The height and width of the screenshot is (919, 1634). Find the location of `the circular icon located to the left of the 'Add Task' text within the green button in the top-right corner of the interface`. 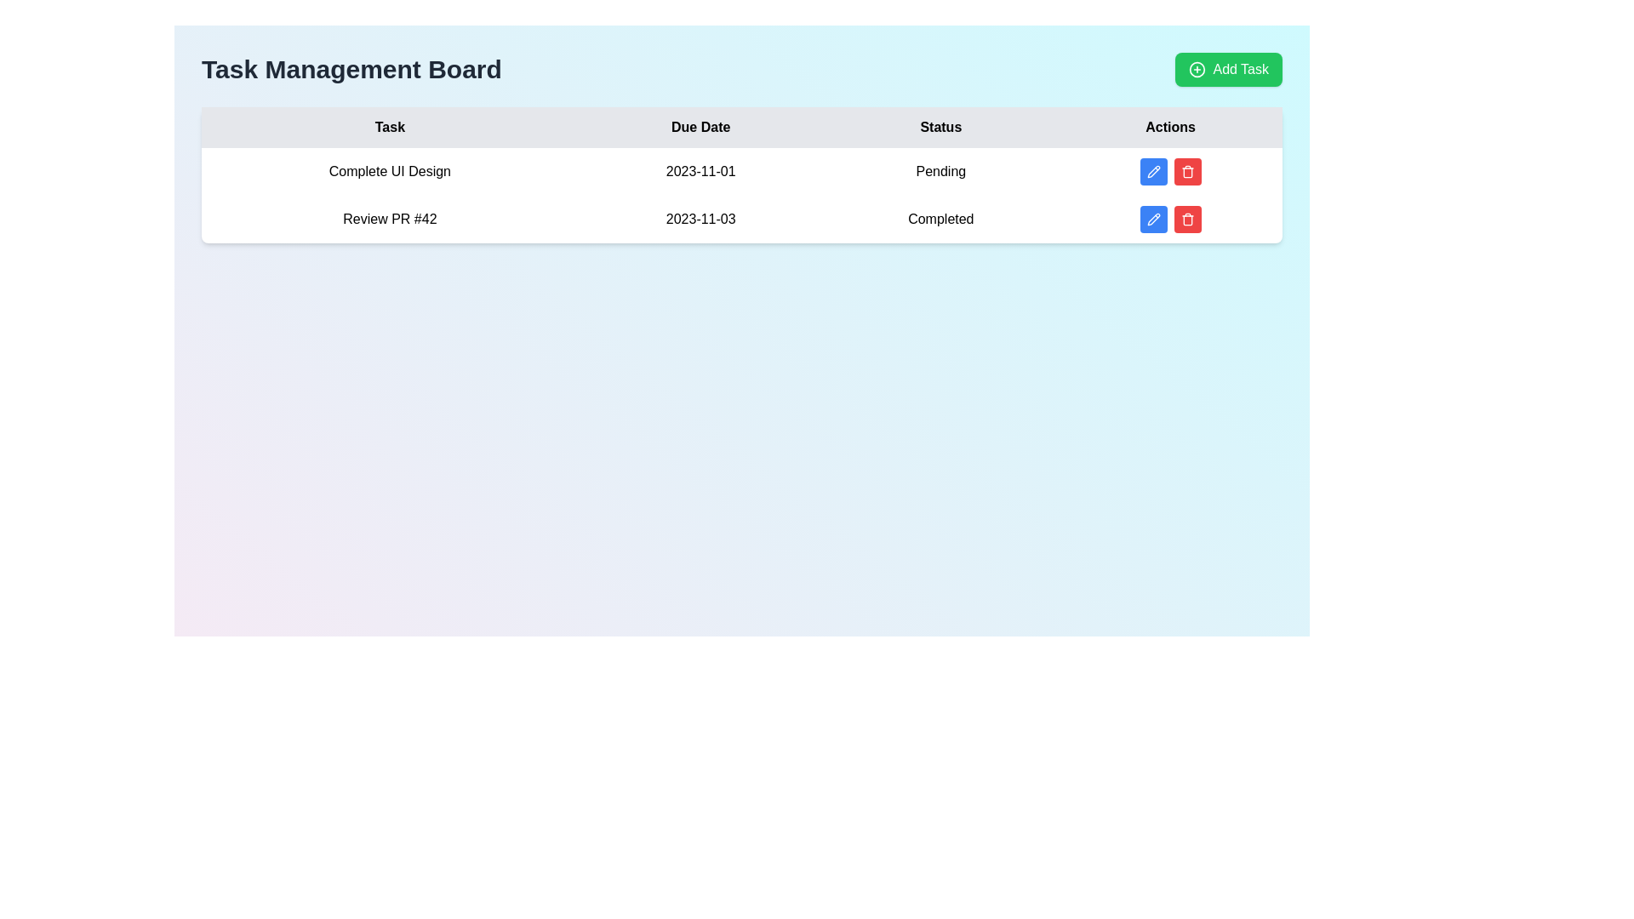

the circular icon located to the left of the 'Add Task' text within the green button in the top-right corner of the interface is located at coordinates (1197, 68).